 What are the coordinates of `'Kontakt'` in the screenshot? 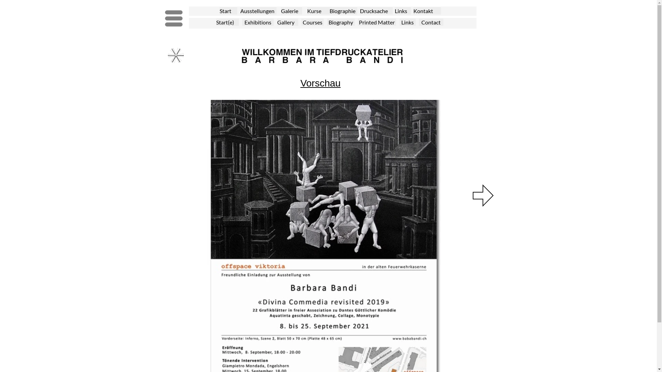 It's located at (413, 11).